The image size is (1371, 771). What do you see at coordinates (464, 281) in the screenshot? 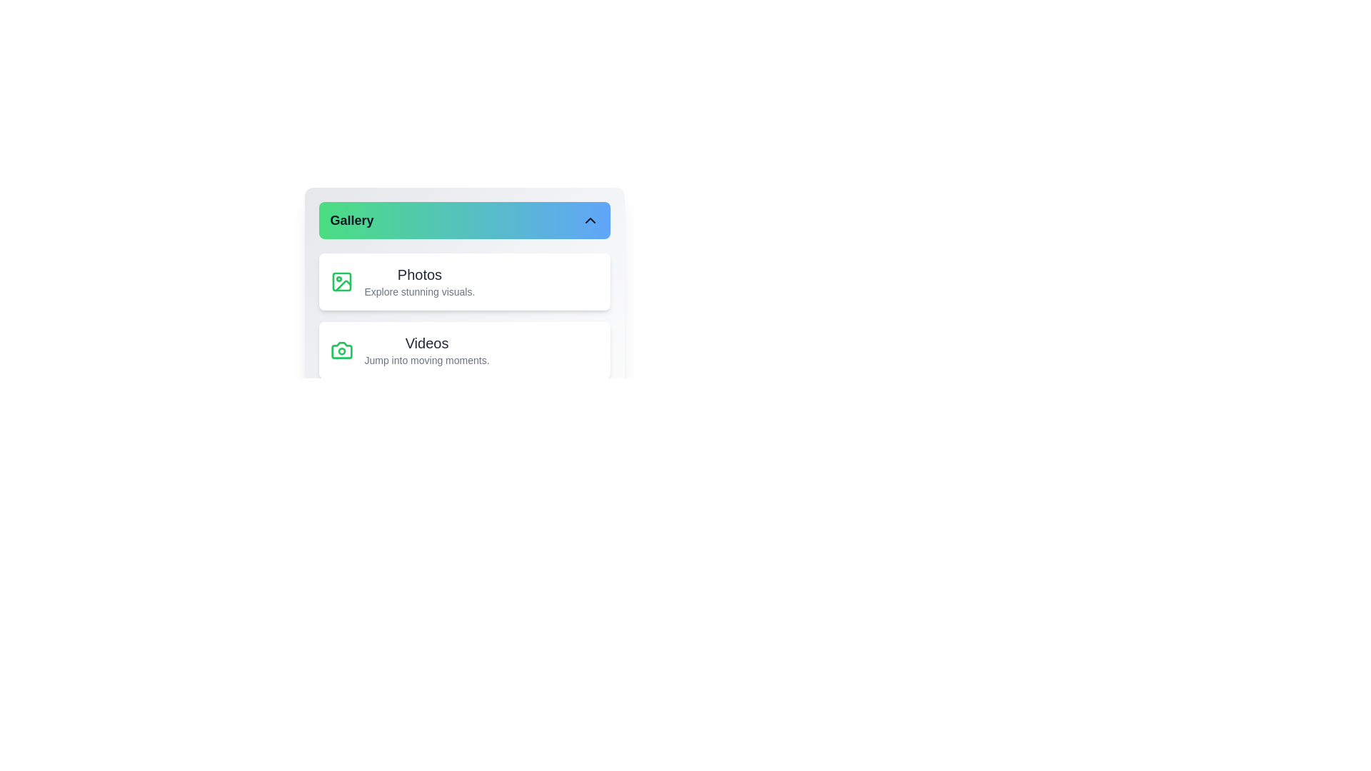
I see `the gallery category Photos to observe its hover effects` at bounding box center [464, 281].